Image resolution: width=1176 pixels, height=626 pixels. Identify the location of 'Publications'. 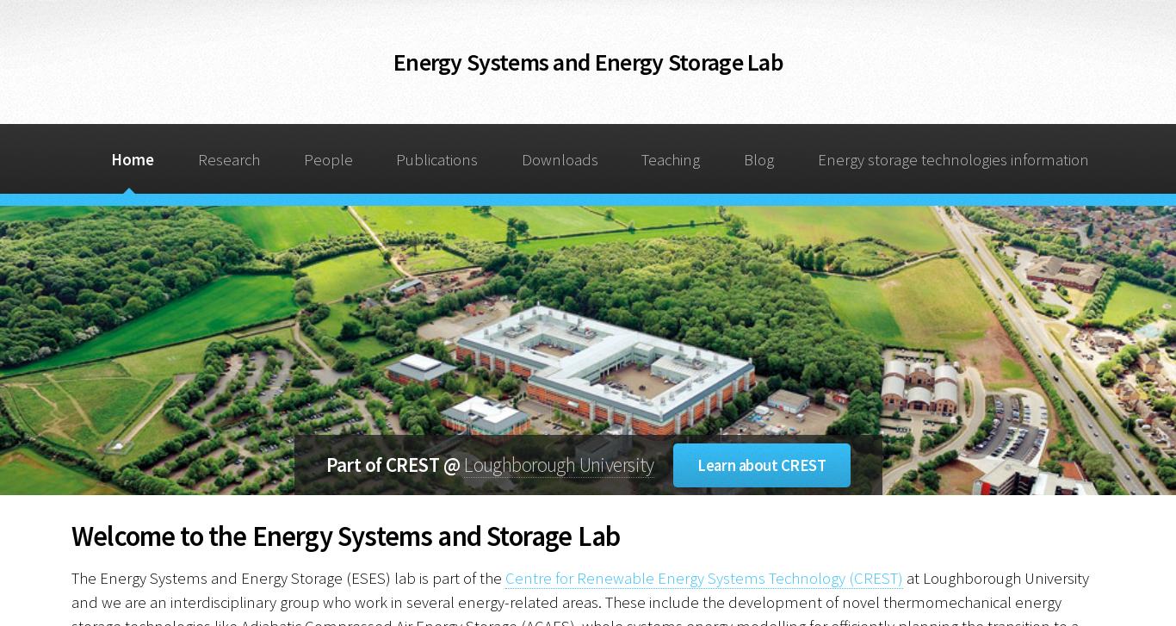
(436, 158).